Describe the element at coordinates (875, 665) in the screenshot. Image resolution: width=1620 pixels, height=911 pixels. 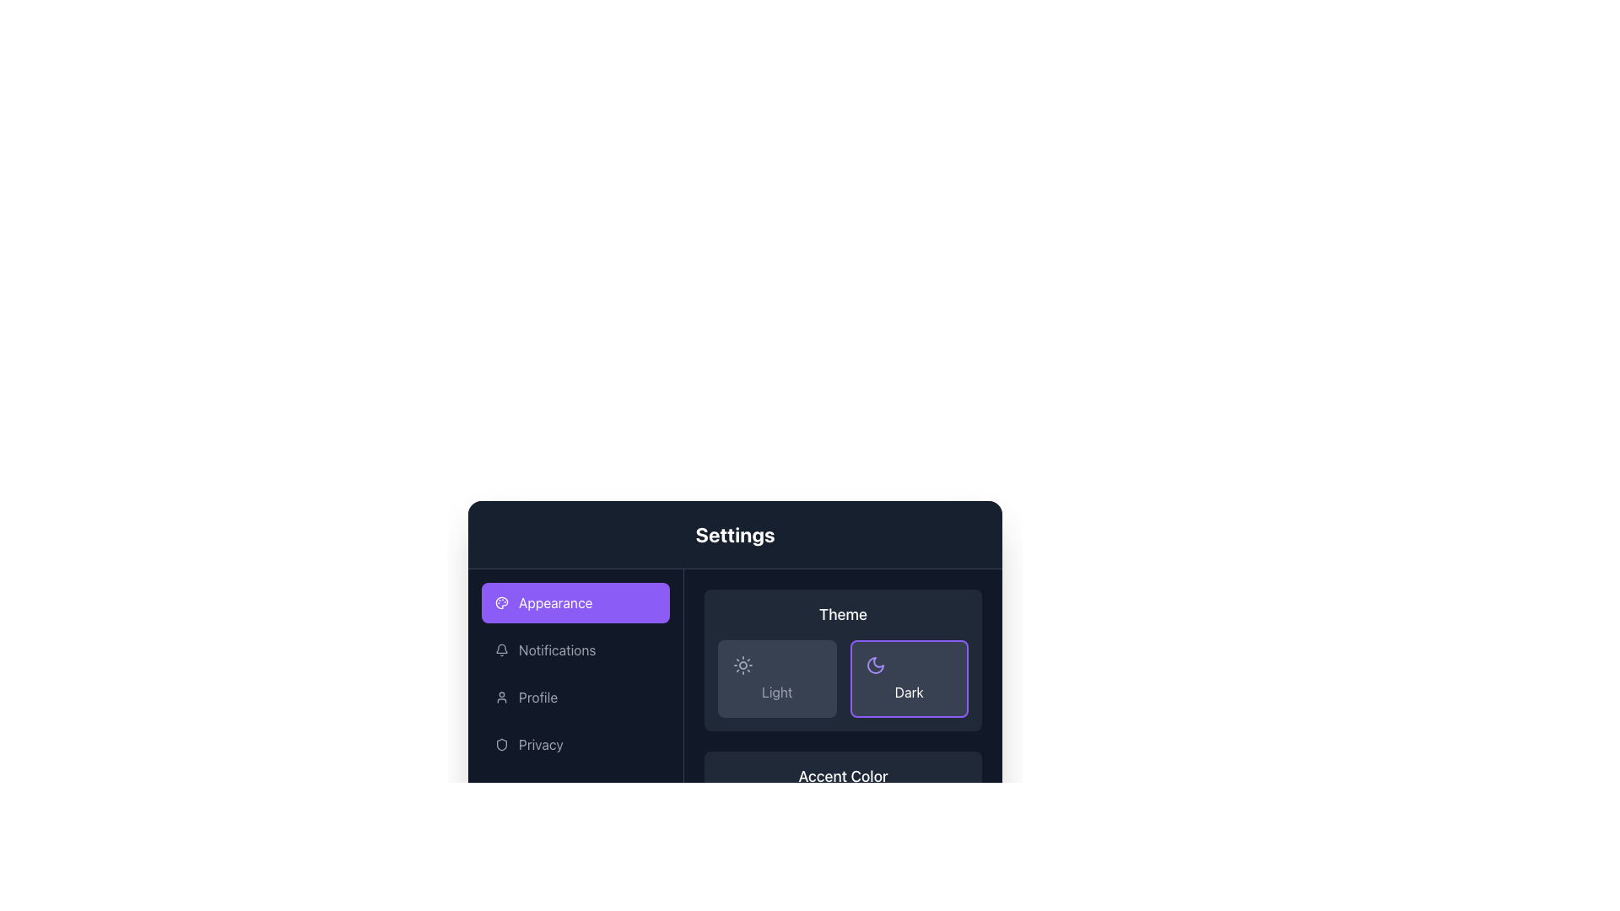
I see `the 'Dark' theme icon located in the top-left portion of the theme selection card, which is positioned above the text label 'Dark'` at that location.